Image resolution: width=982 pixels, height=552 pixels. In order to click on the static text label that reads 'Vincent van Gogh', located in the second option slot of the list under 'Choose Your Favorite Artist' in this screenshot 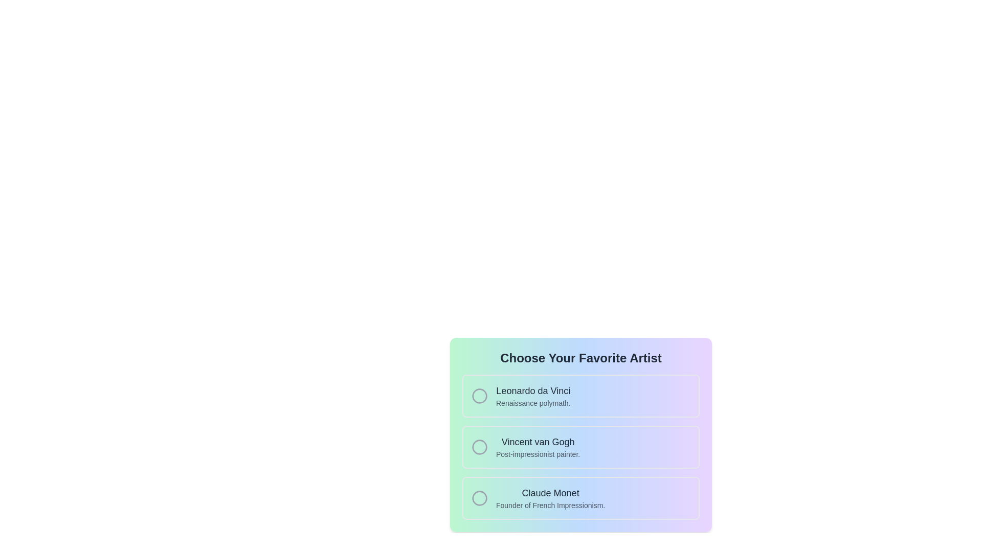, I will do `click(538, 441)`.